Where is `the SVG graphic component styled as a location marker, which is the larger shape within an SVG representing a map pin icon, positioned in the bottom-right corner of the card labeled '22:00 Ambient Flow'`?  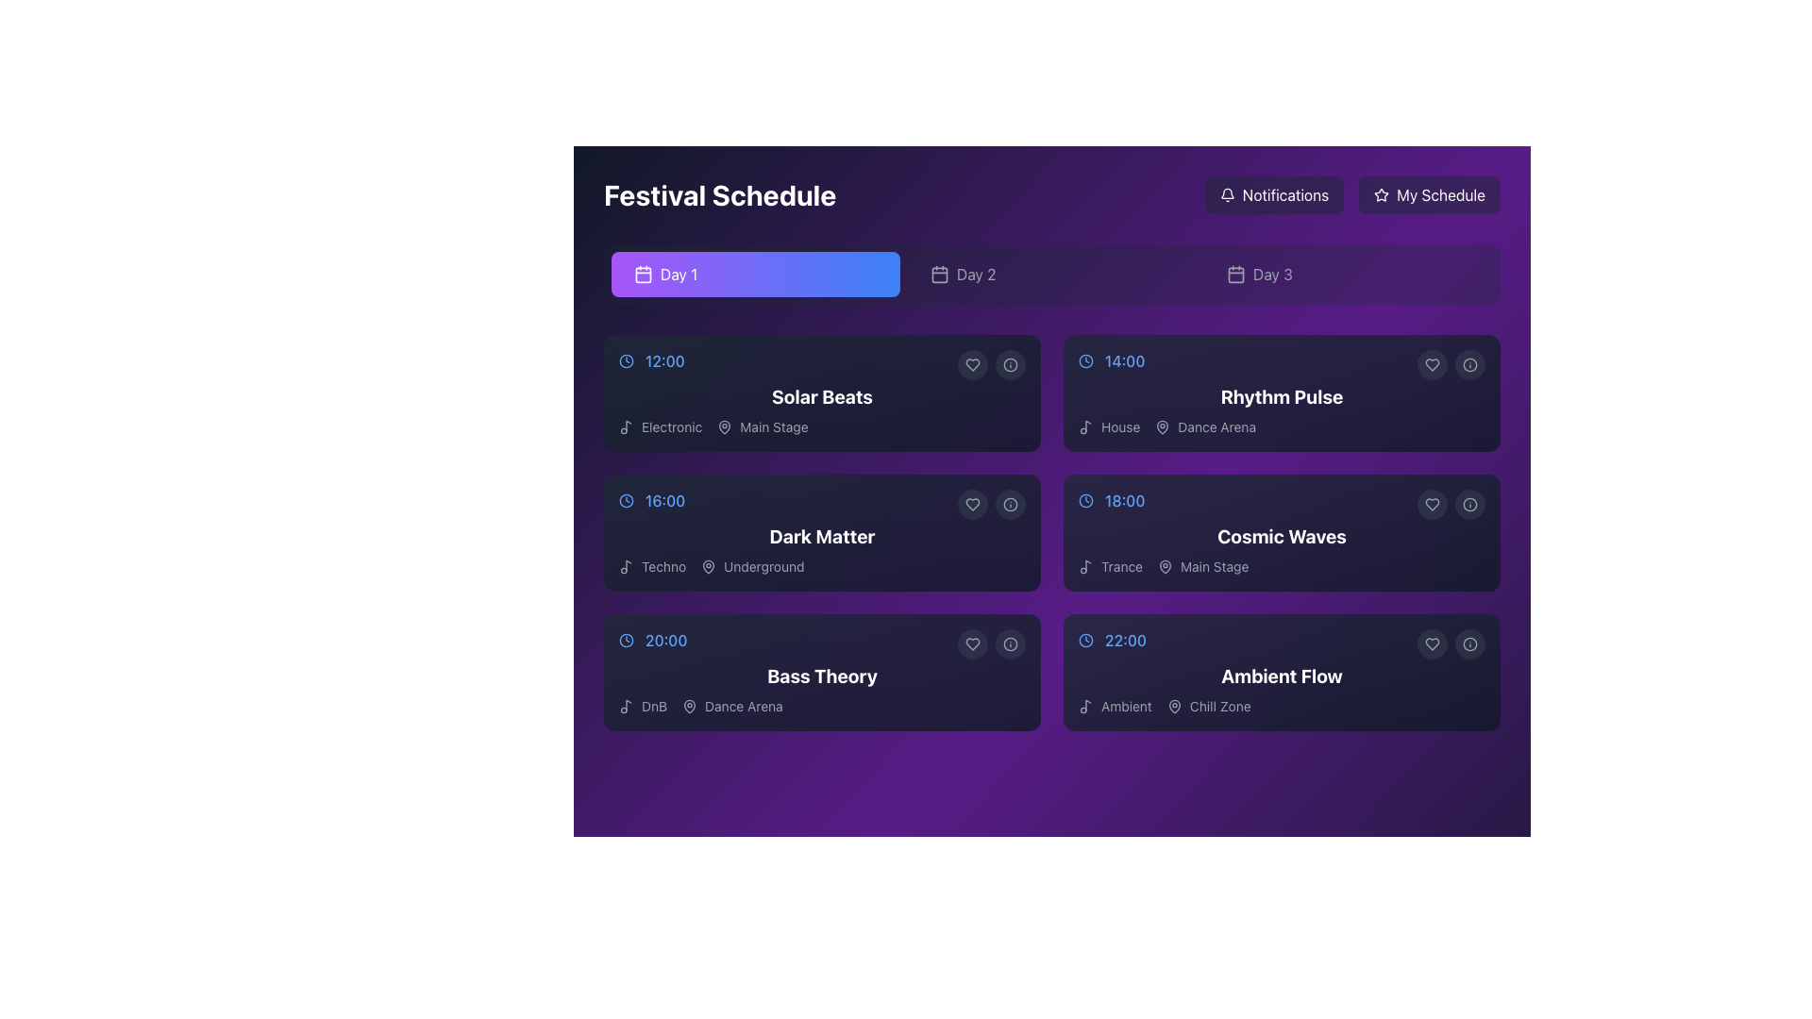
the SVG graphic component styled as a location marker, which is the larger shape within an SVG representing a map pin icon, positioned in the bottom-right corner of the card labeled '22:00 Ambient Flow' is located at coordinates (1173, 706).